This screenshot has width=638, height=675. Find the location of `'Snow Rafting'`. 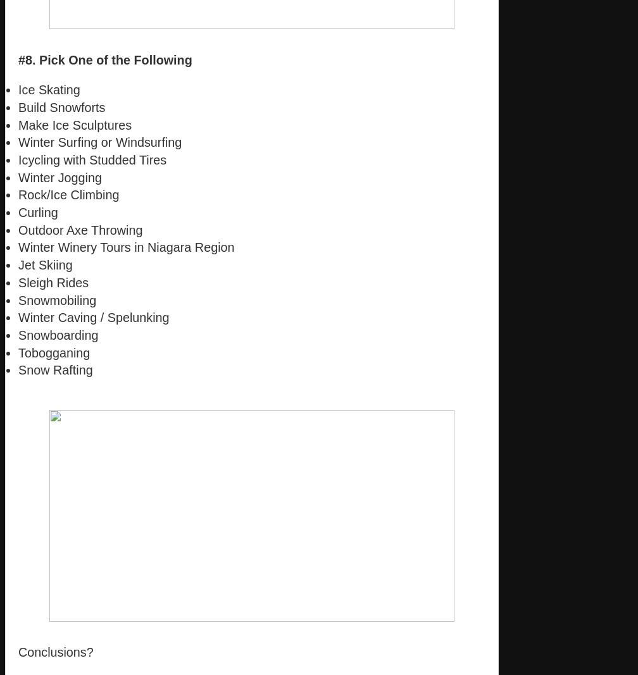

'Snow Rafting' is located at coordinates (18, 370).